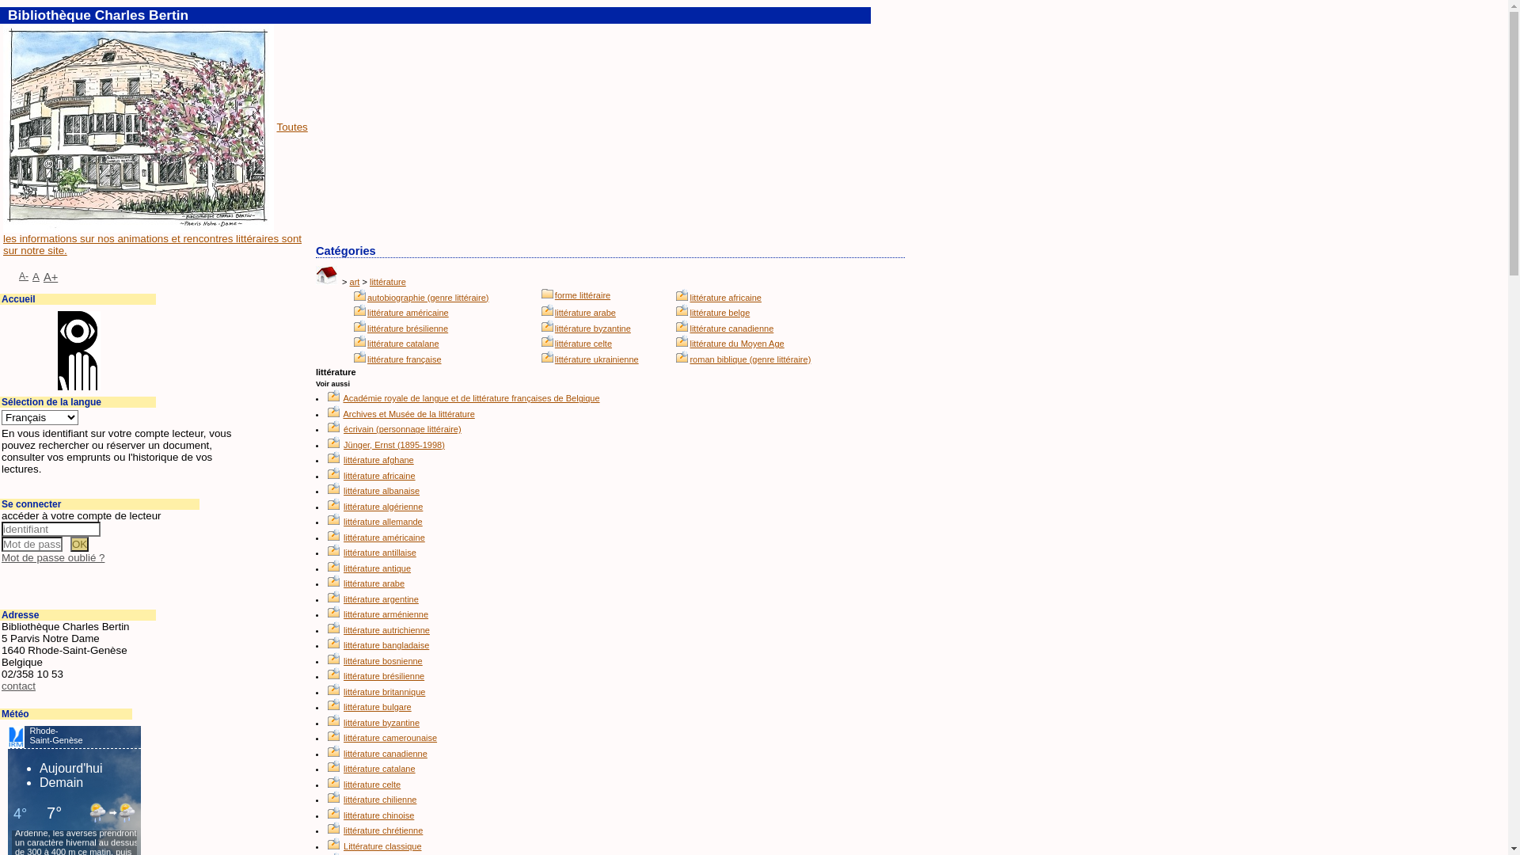  What do you see at coordinates (50, 276) in the screenshot?
I see `'A+'` at bounding box center [50, 276].